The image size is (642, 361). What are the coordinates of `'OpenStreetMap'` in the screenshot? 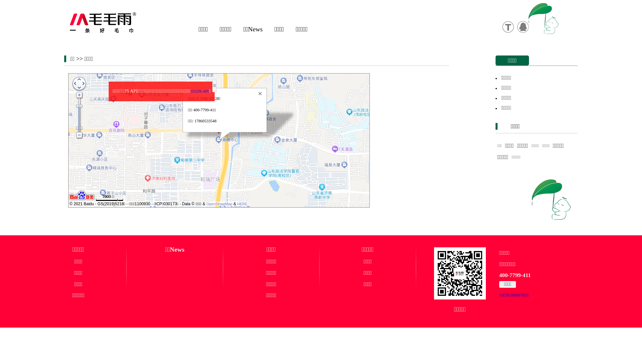 It's located at (219, 203).